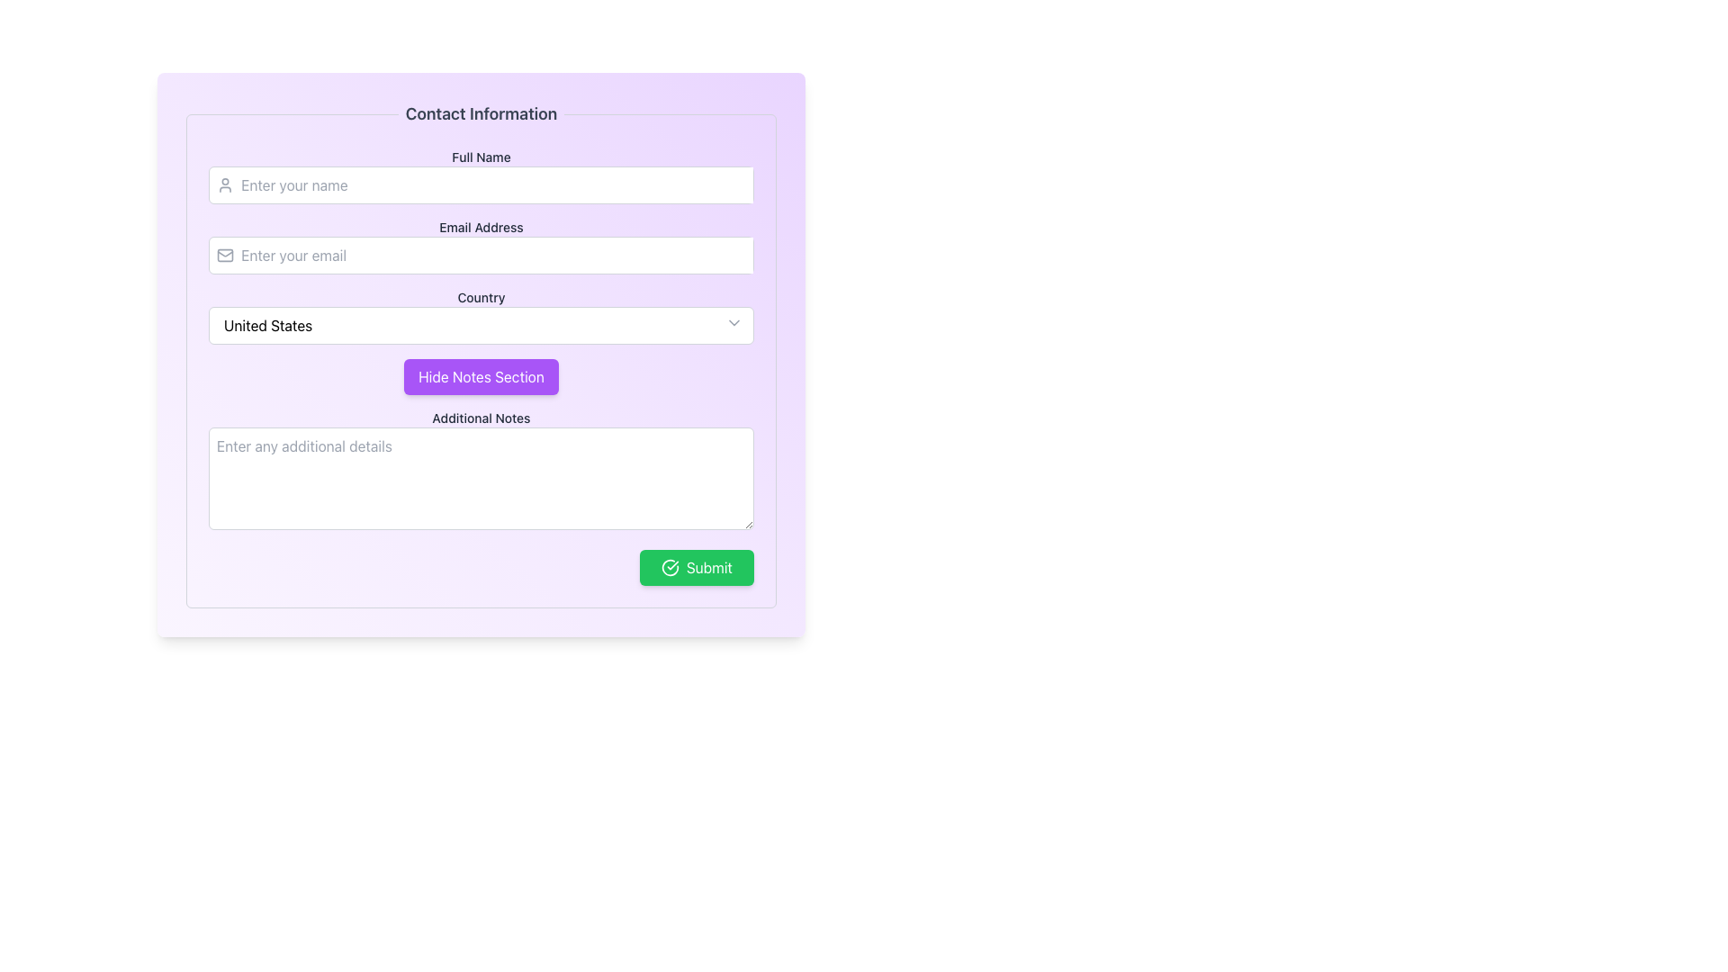  Describe the element at coordinates (481, 326) in the screenshot. I see `the dropdown menu displaying 'United States'` at that location.